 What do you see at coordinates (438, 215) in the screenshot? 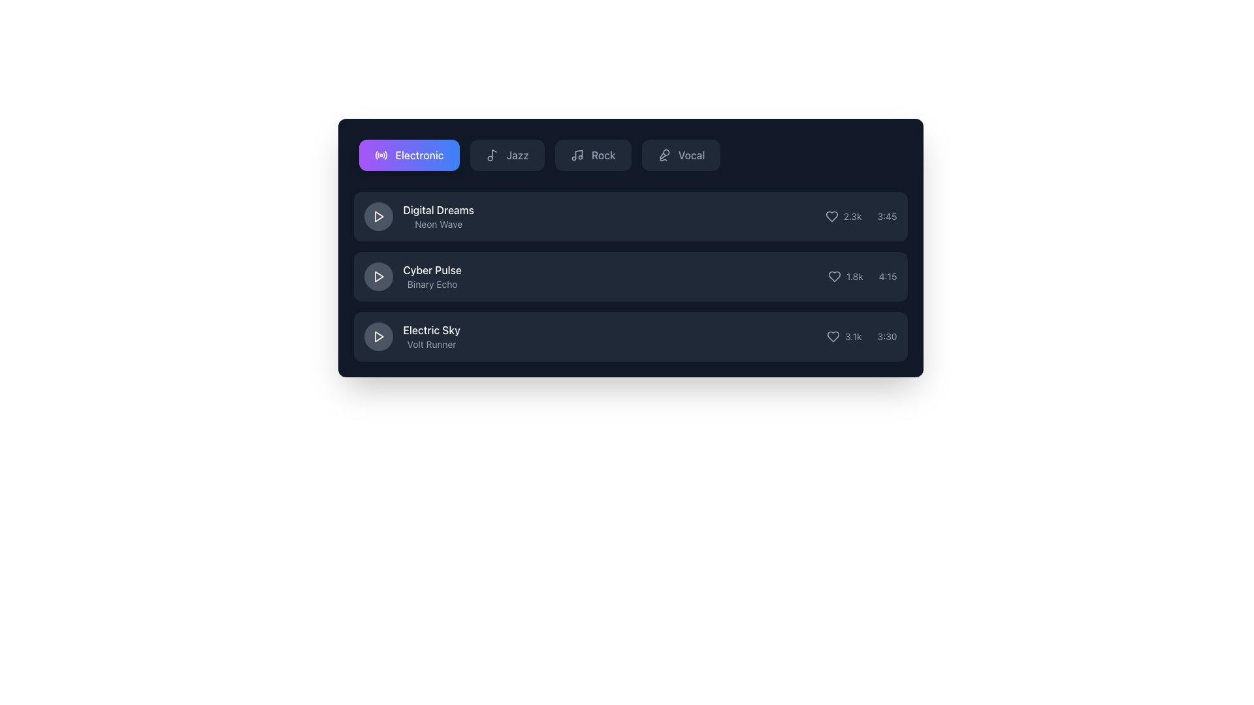
I see `the Text label displaying 'Digital Dreams' and 'Neon Wave', which is located within a dark blue rectangular area to the right of a circular play button` at bounding box center [438, 215].